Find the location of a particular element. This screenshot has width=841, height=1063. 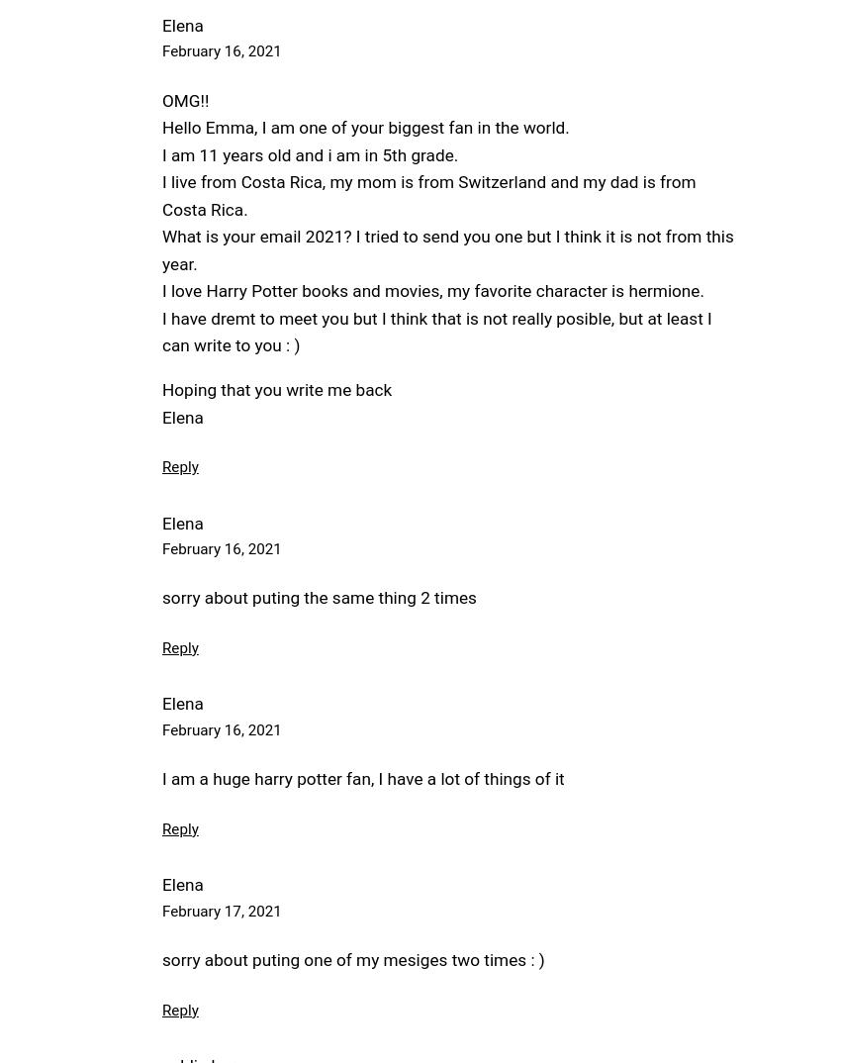

'What is your email 2021? I tried to send you one but I think it is not from this year.' is located at coordinates (446, 248).